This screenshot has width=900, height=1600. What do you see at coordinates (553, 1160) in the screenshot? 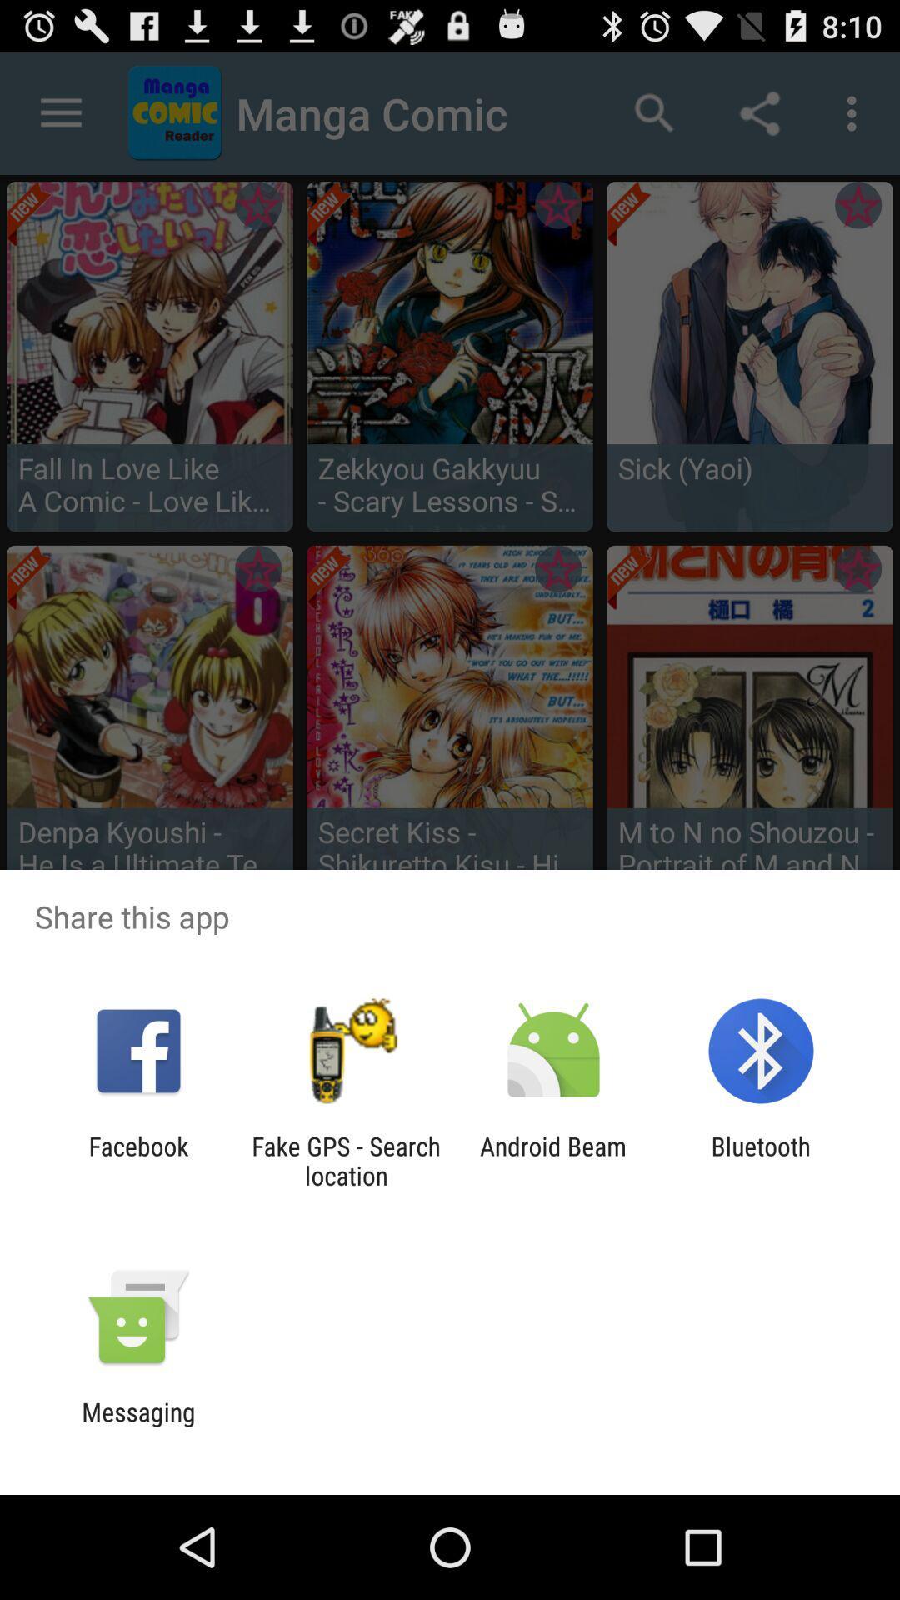
I see `the app to the left of the bluetooth icon` at bounding box center [553, 1160].